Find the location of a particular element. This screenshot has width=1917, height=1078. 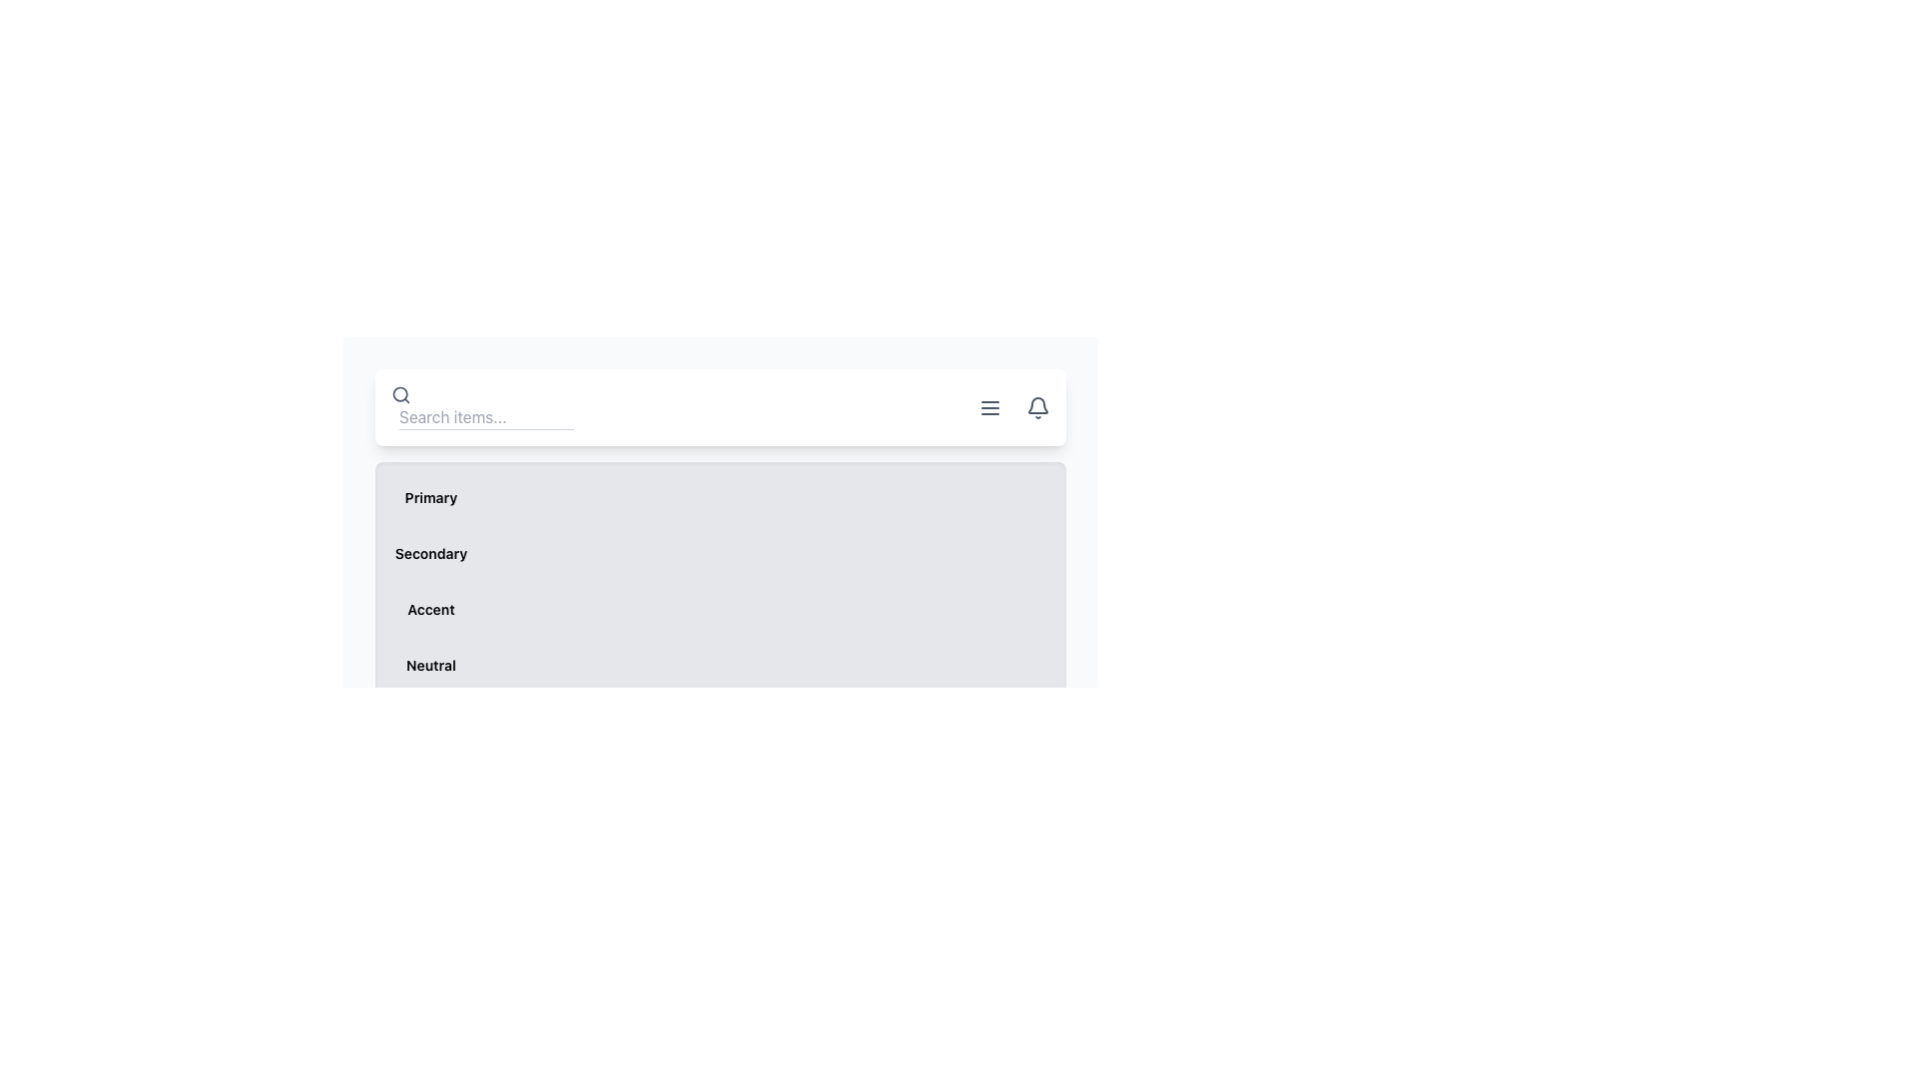

the text label displaying the word 'Accent', which is styled in bold font and positioned in the third position within a vertical list of labels is located at coordinates (430, 608).